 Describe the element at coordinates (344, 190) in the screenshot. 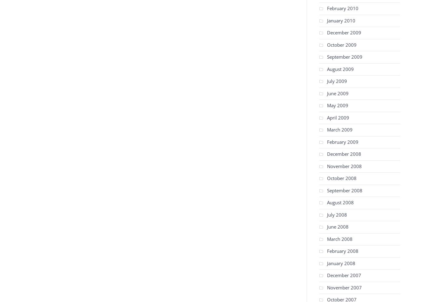

I see `'September 2008'` at that location.